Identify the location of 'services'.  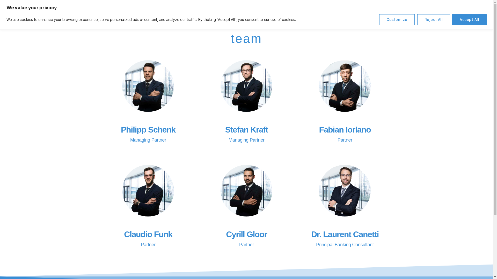
(335, 12).